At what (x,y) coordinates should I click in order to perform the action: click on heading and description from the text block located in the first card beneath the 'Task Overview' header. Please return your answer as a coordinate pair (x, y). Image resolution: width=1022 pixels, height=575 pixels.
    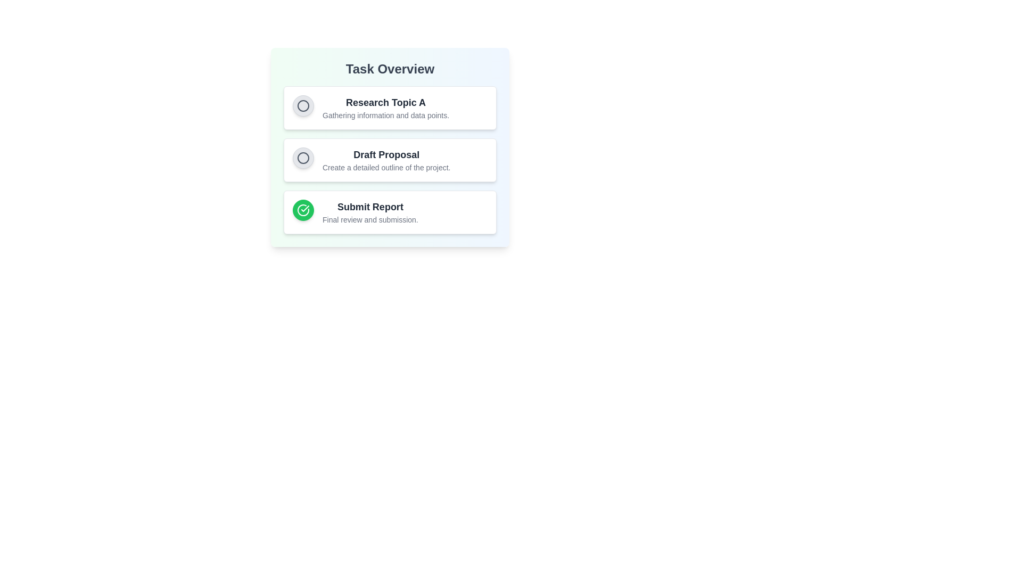
    Looking at the image, I should click on (385, 108).